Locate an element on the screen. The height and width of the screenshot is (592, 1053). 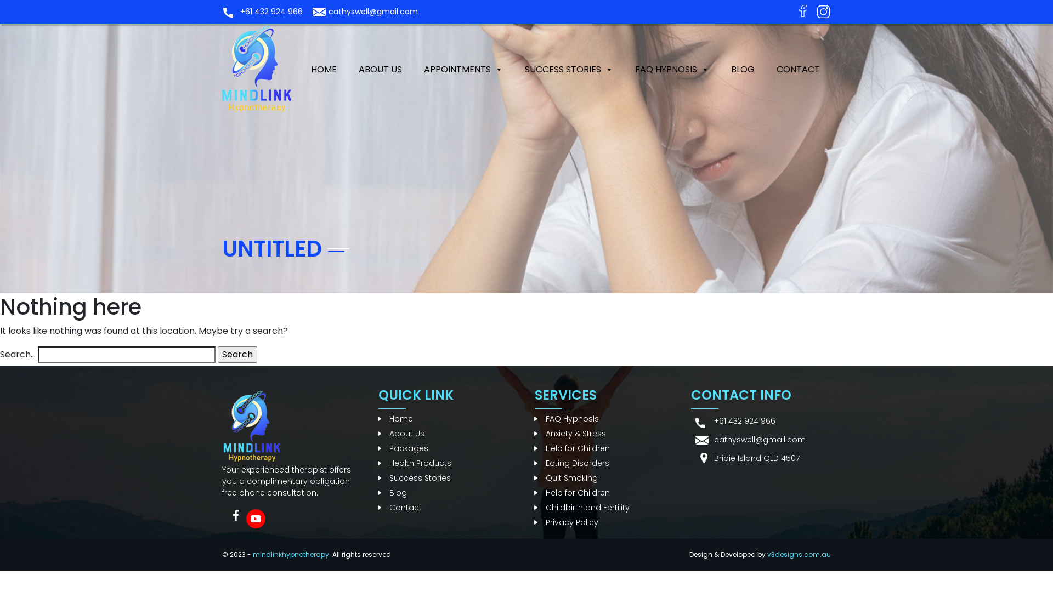
'BLOG' is located at coordinates (720, 70).